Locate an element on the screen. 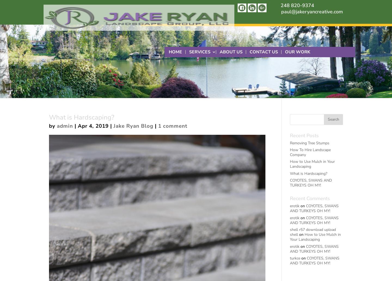  'paul@jakeryancreative.com' is located at coordinates (281, 11).